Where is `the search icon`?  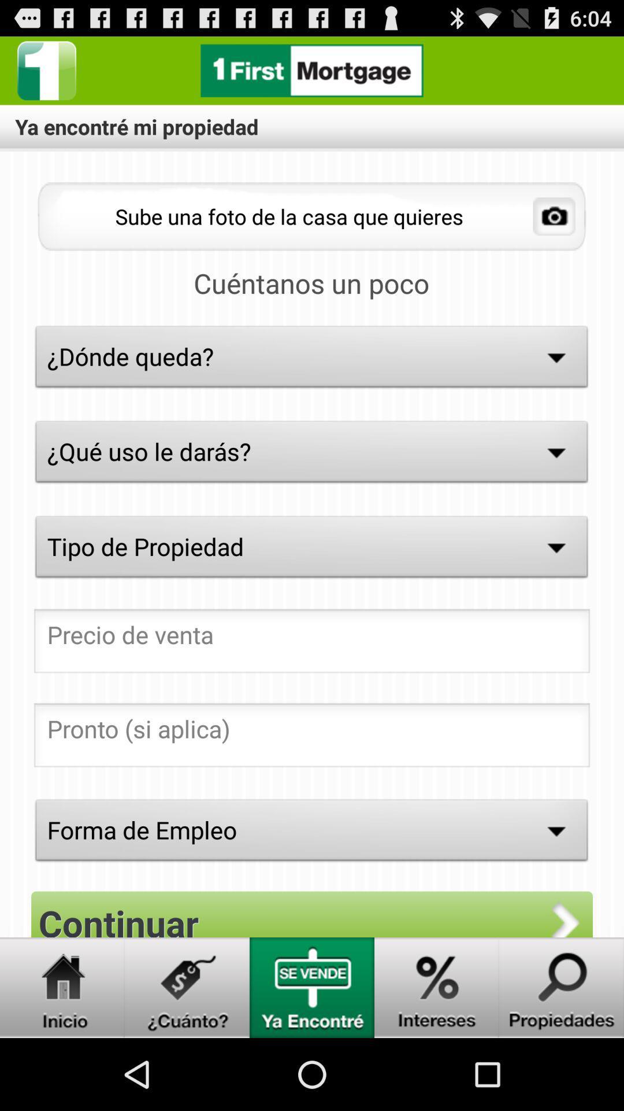
the search icon is located at coordinates (561, 1057).